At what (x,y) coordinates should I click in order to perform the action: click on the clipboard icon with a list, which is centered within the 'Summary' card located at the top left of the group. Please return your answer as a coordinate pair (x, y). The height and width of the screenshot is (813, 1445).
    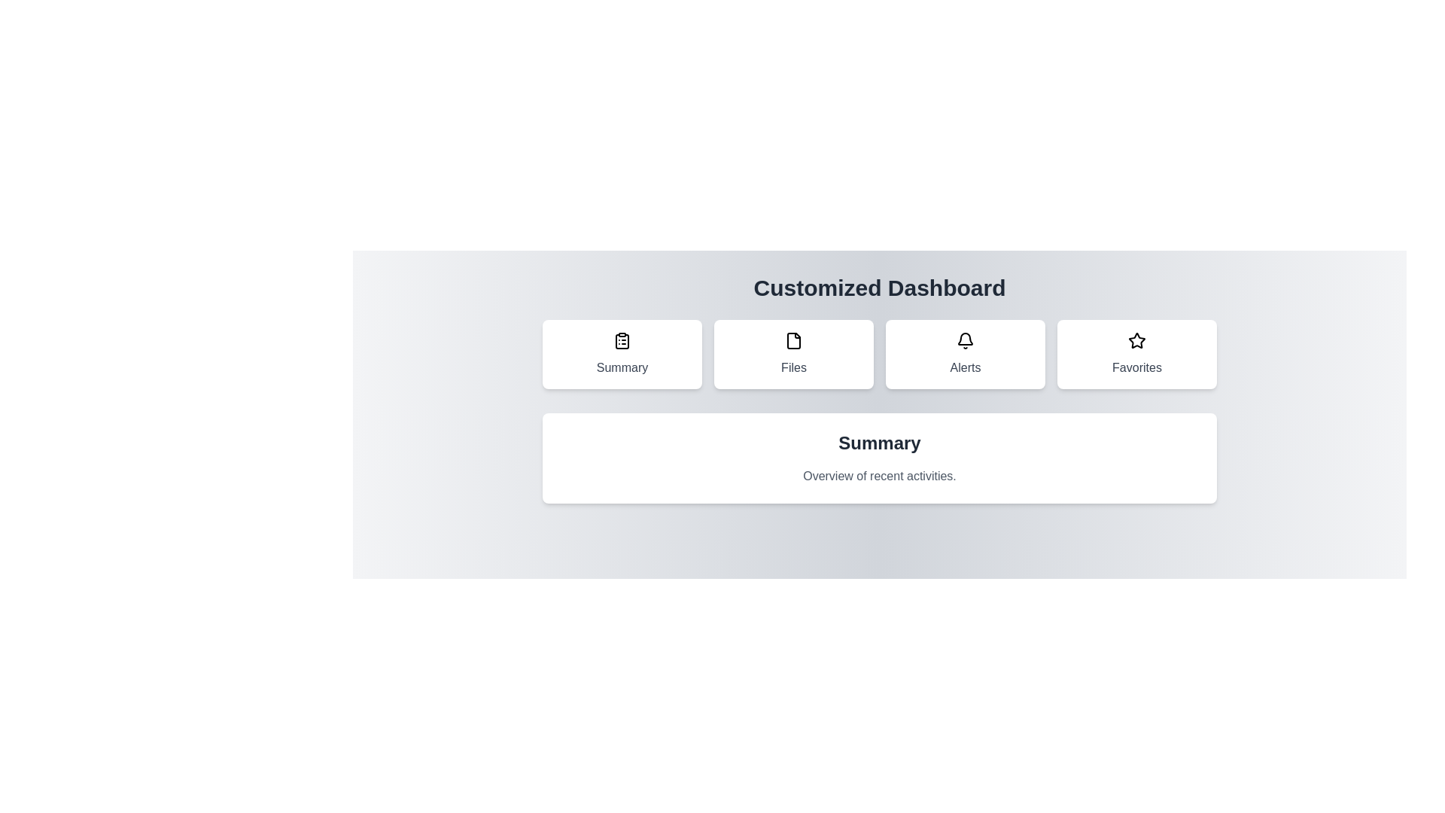
    Looking at the image, I should click on (622, 340).